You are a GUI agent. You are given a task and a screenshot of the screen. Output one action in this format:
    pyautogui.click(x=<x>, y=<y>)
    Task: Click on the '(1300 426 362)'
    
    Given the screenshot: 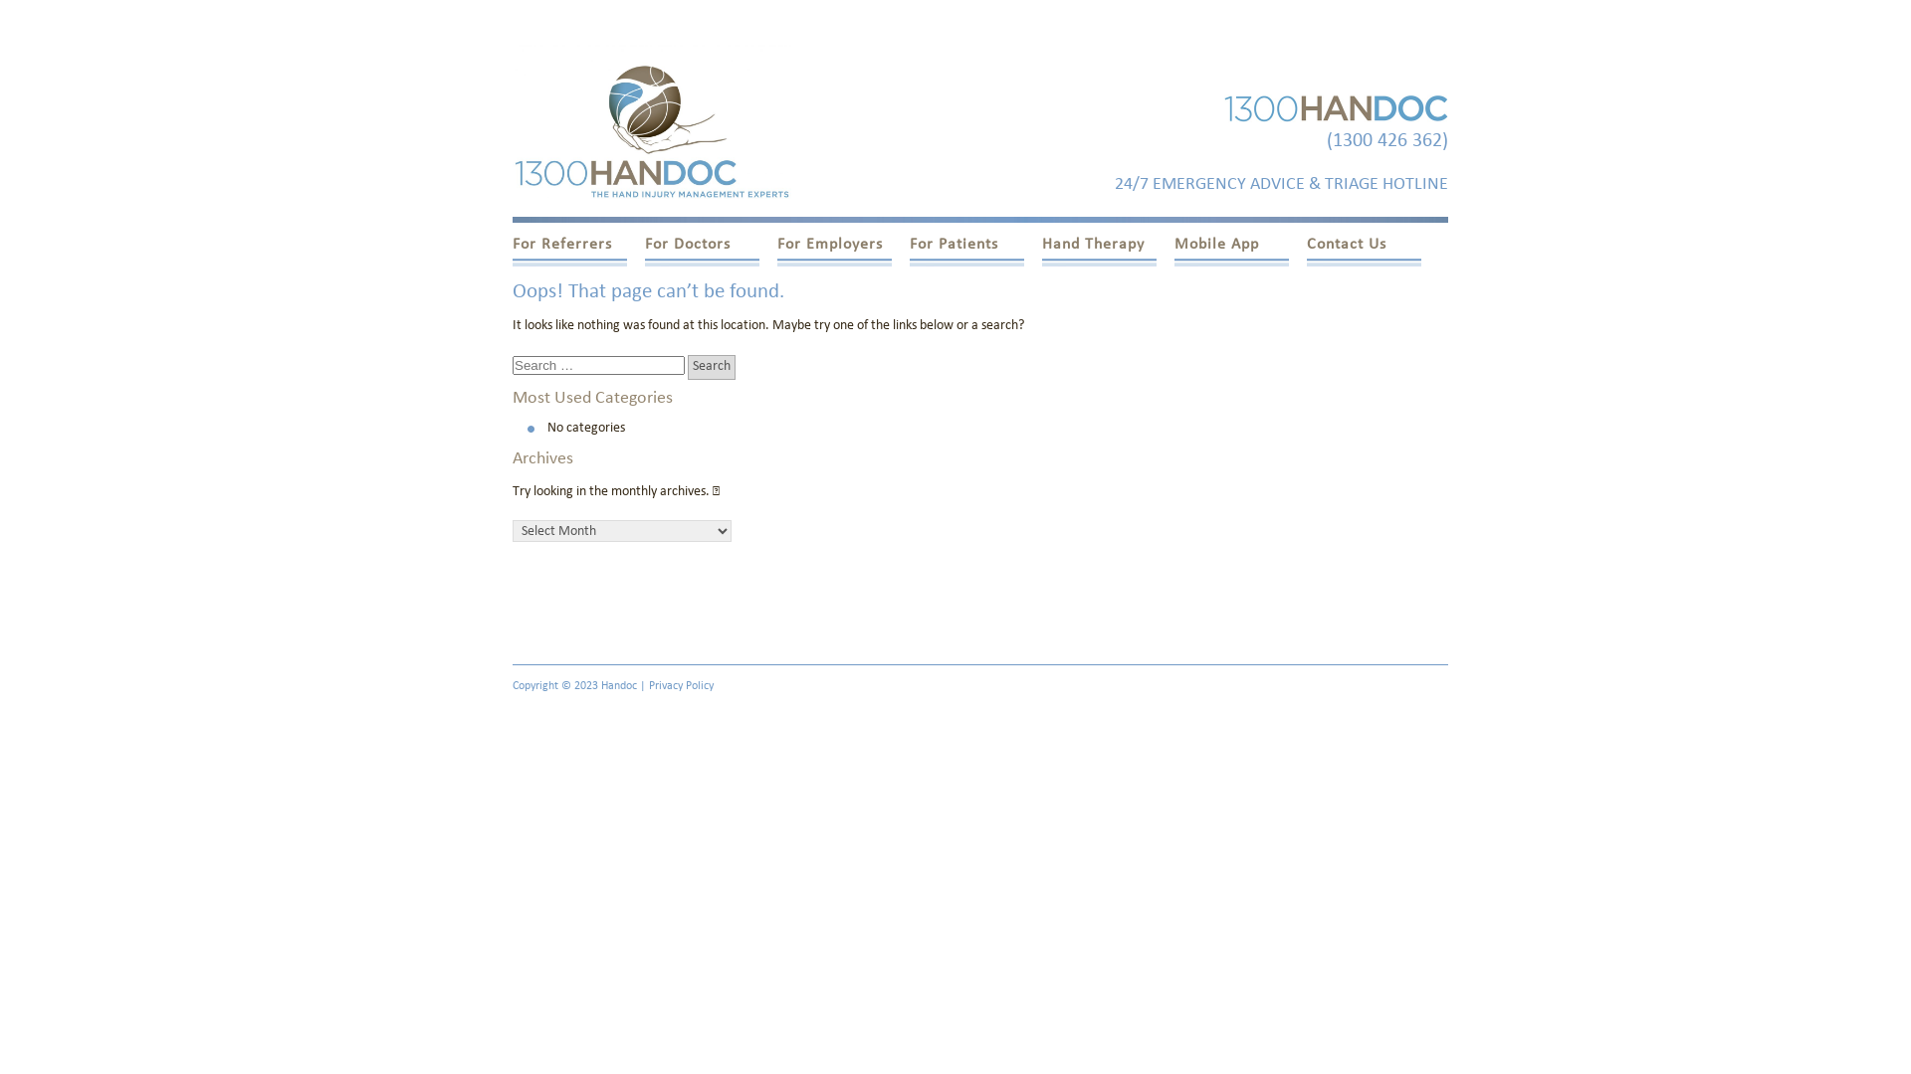 What is the action you would take?
    pyautogui.click(x=1385, y=140)
    